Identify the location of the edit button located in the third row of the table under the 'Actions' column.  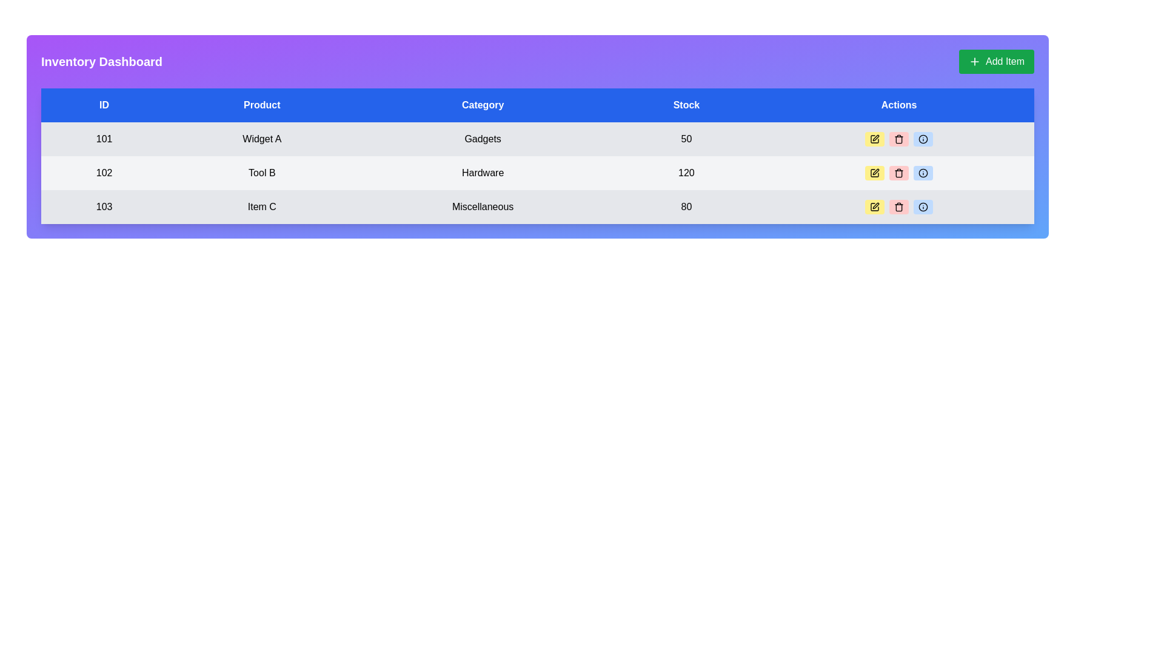
(875, 173).